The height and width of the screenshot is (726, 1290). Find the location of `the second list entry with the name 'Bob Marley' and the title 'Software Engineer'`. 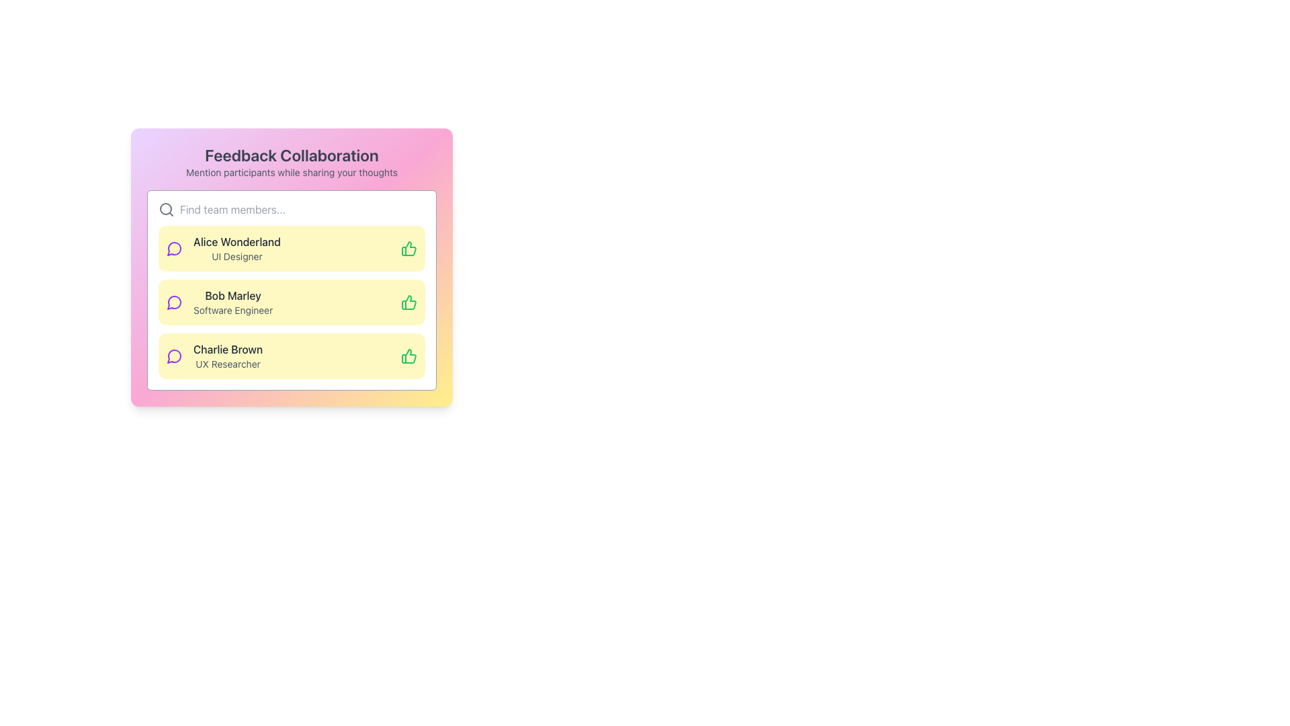

the second list entry with the name 'Bob Marley' and the title 'Software Engineer' is located at coordinates (291, 302).